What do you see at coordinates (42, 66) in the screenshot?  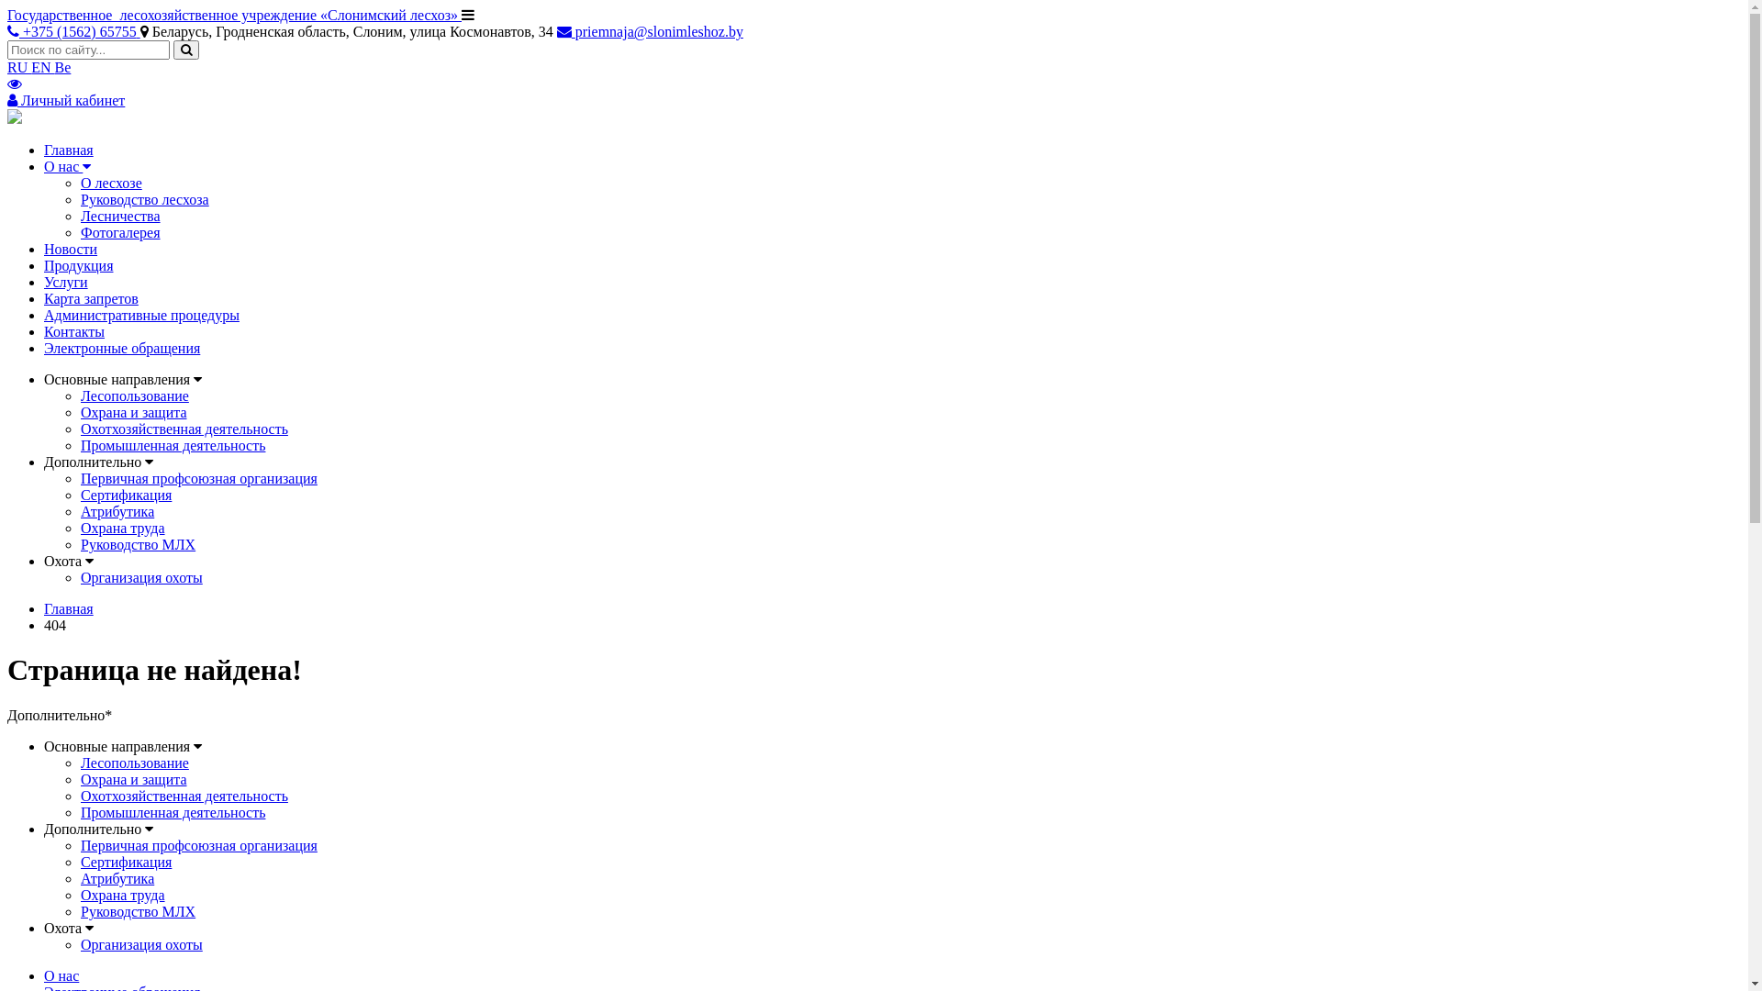 I see `'EN'` at bounding box center [42, 66].